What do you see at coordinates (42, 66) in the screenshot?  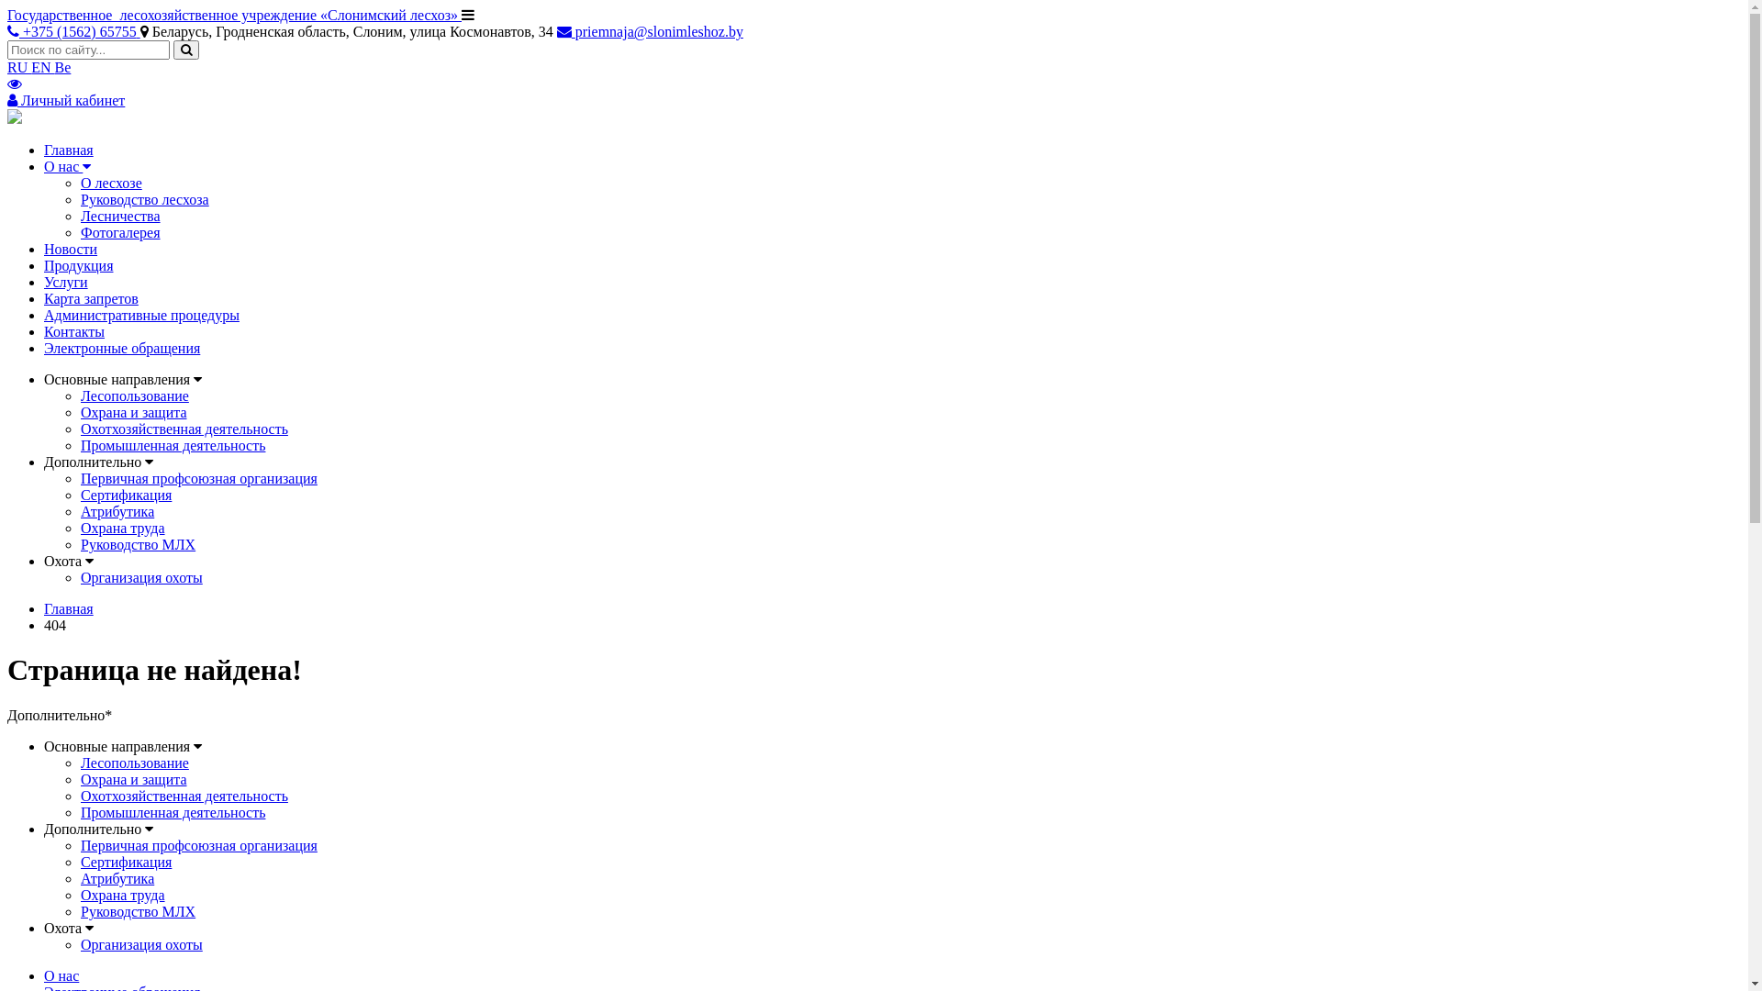 I see `'EN'` at bounding box center [42, 66].